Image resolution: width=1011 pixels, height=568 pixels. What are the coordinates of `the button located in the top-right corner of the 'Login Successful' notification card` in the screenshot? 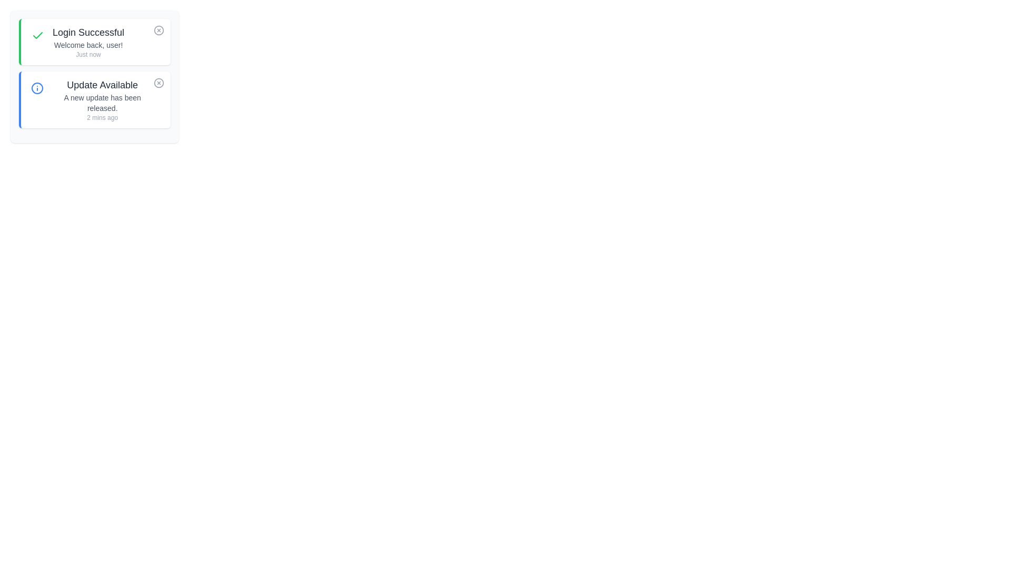 It's located at (158, 29).